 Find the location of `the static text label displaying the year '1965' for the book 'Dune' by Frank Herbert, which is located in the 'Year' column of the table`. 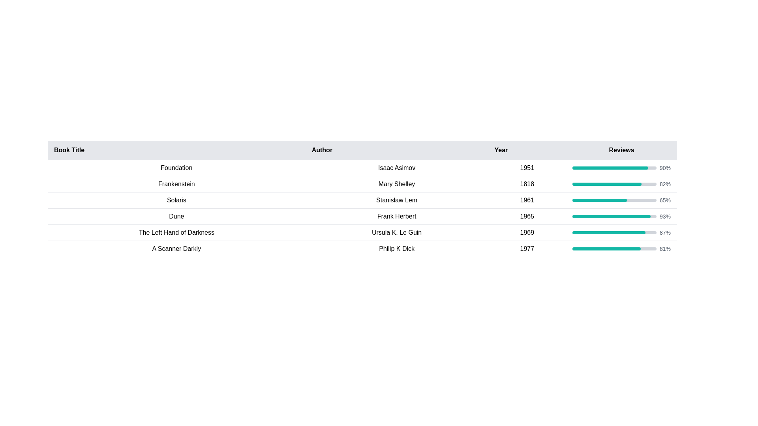

the static text label displaying the year '1965' for the book 'Dune' by Frank Herbert, which is located in the 'Year' column of the table is located at coordinates (527, 216).